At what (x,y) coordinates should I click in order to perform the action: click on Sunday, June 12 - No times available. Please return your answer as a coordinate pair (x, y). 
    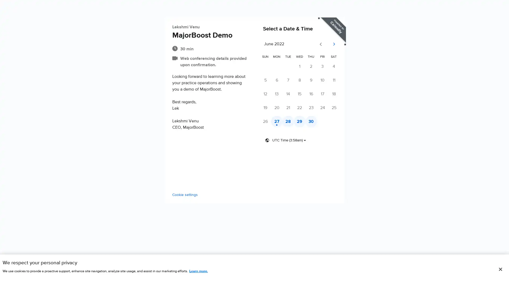
    Looking at the image, I should click on (266, 94).